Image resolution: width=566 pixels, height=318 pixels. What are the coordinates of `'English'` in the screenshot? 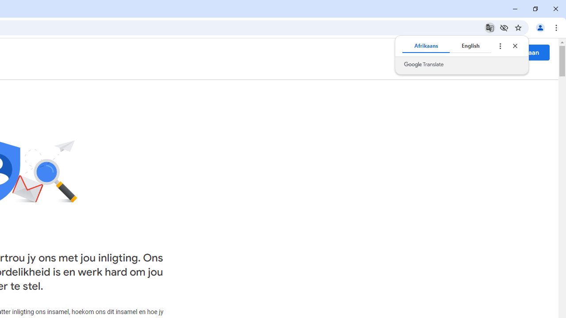 It's located at (470, 46).